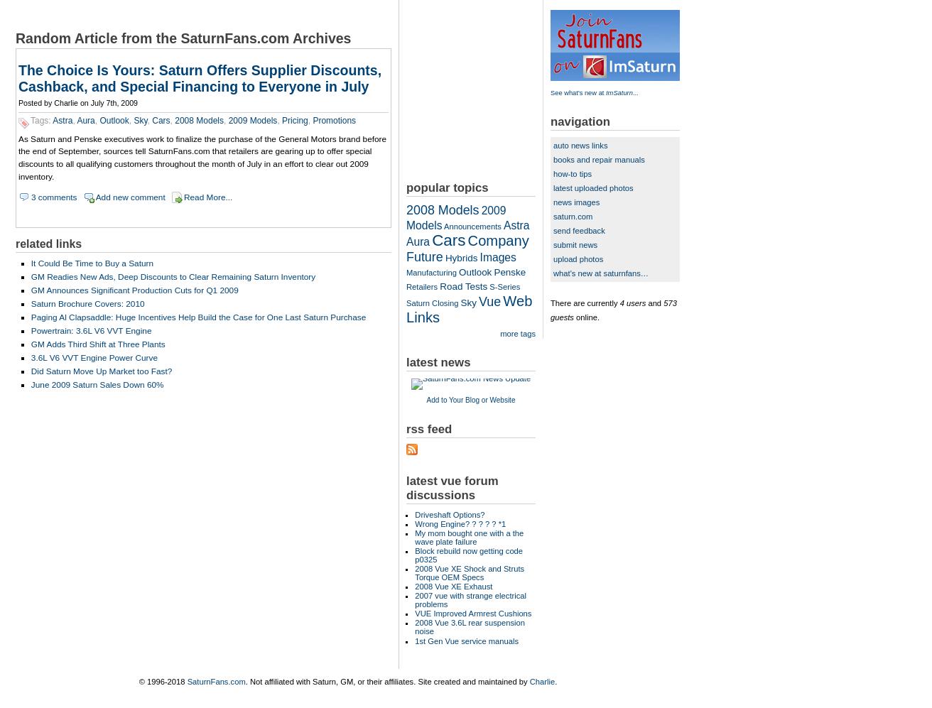 Image resolution: width=932 pixels, height=708 pixels. What do you see at coordinates (469, 307) in the screenshot?
I see `'Web Links'` at bounding box center [469, 307].